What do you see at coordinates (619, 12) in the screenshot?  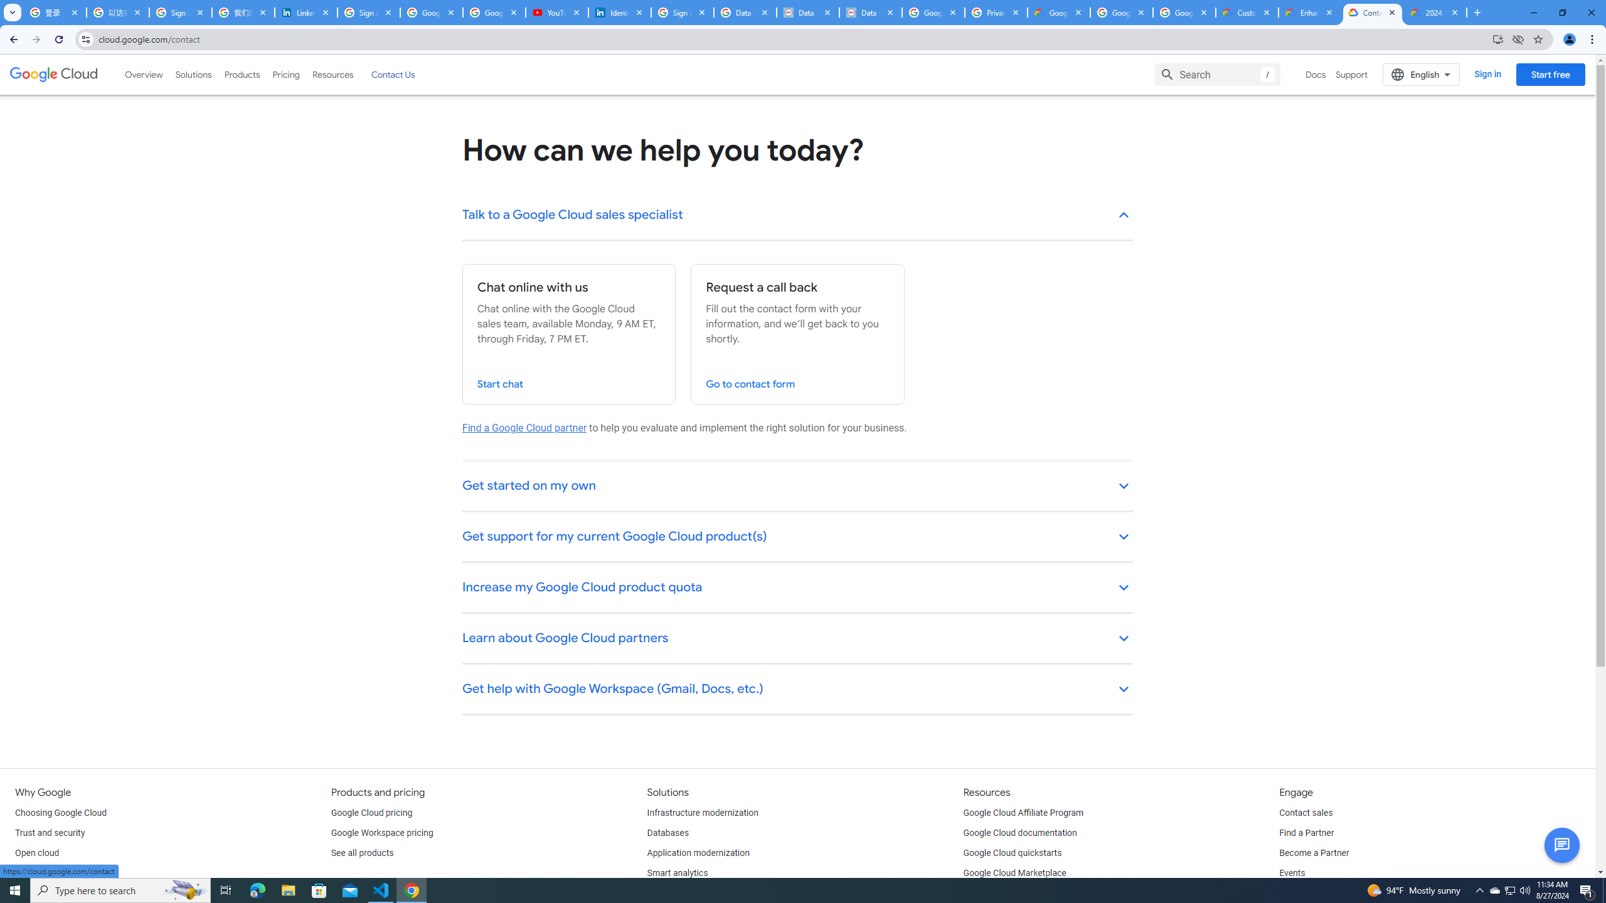 I see `'Identity verification via Persona | LinkedIn Help'` at bounding box center [619, 12].